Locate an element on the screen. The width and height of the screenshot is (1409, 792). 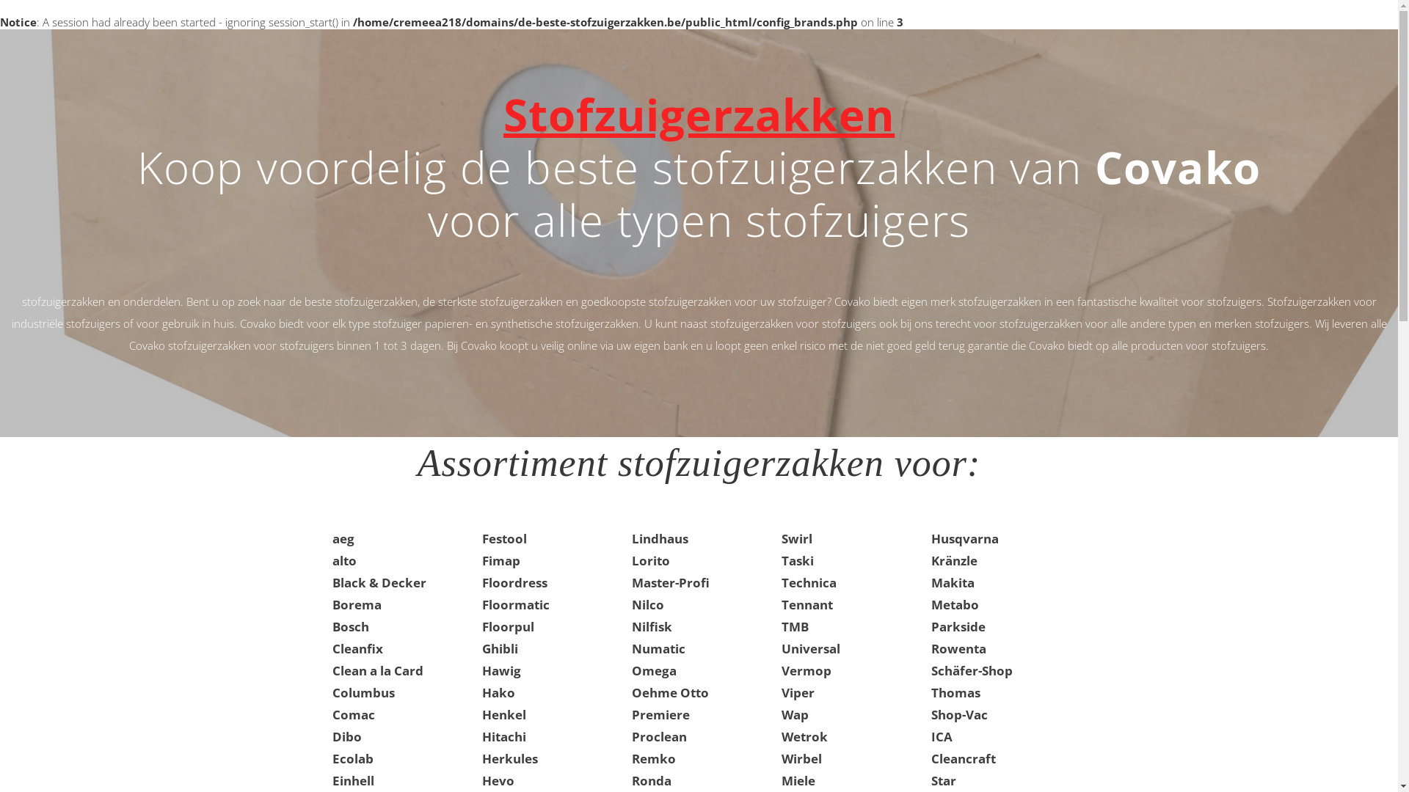
'alto' is located at coordinates (343, 560).